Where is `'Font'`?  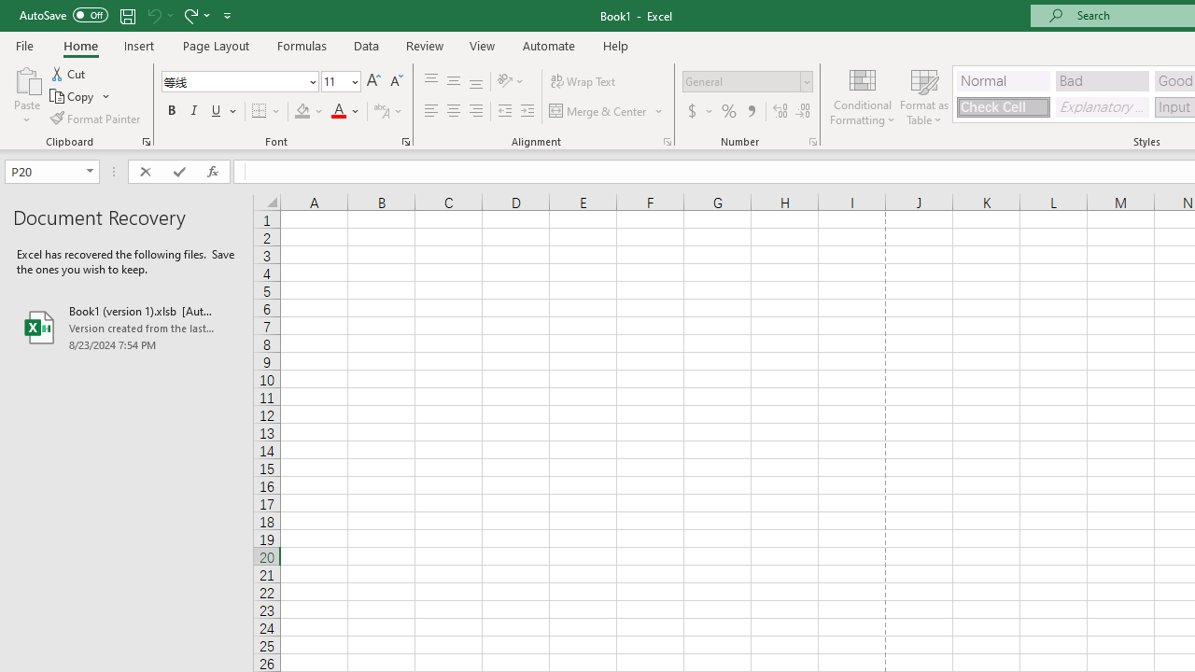 'Font' is located at coordinates (232, 80).